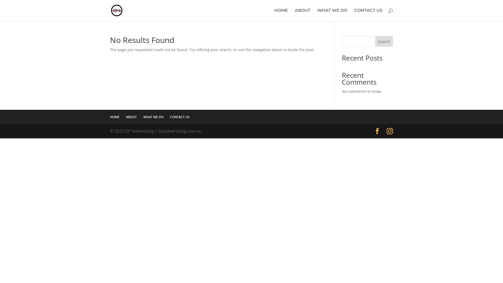 Image resolution: width=503 pixels, height=283 pixels. Describe the element at coordinates (368, 14) in the screenshot. I see `'CONTACT US'` at that location.